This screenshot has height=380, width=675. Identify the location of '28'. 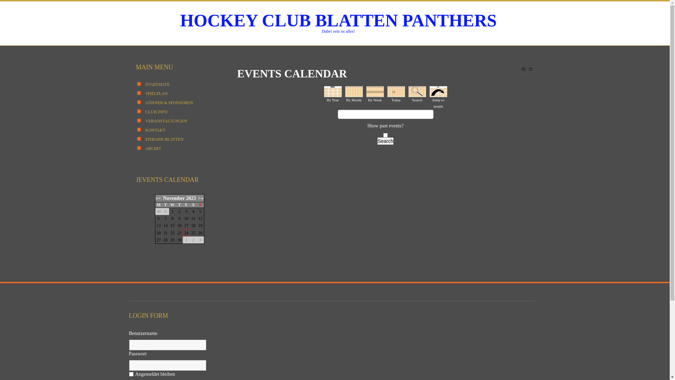
(165, 240).